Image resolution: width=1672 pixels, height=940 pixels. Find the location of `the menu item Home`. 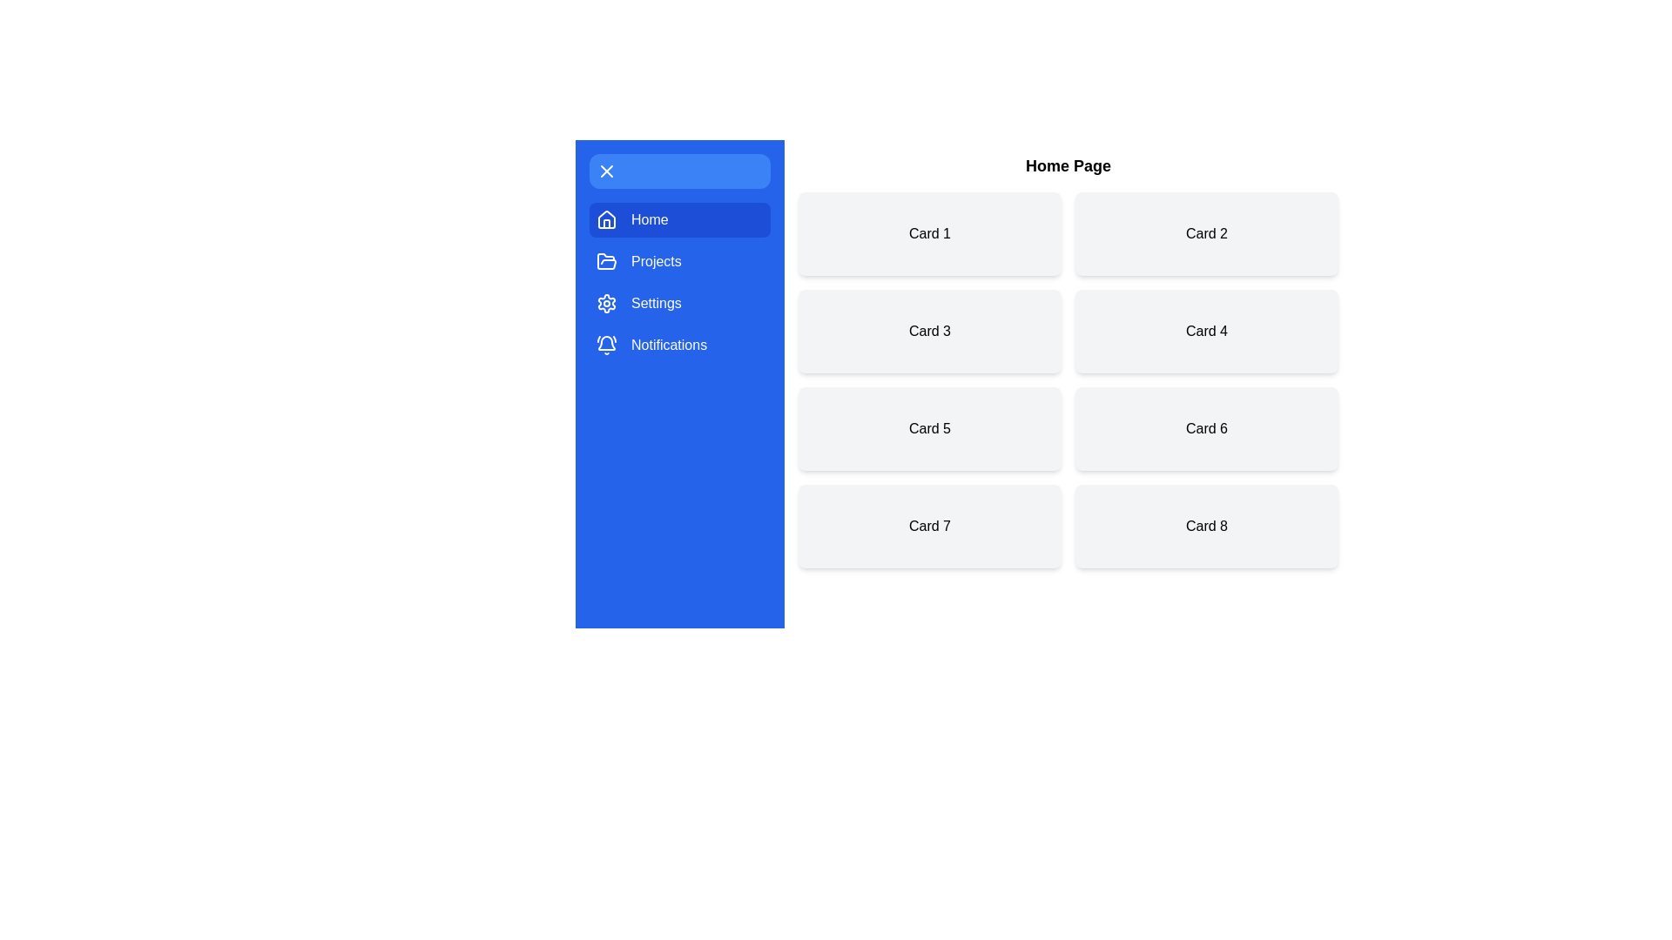

the menu item Home is located at coordinates (679, 219).